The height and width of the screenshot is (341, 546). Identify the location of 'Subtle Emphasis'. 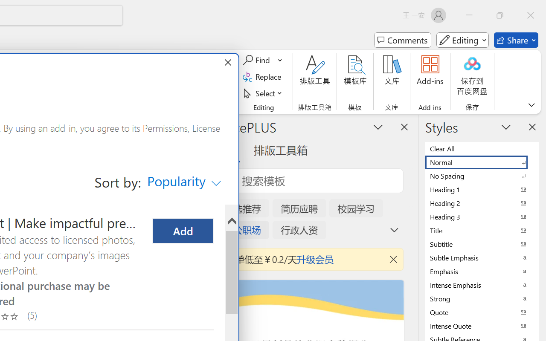
(482, 257).